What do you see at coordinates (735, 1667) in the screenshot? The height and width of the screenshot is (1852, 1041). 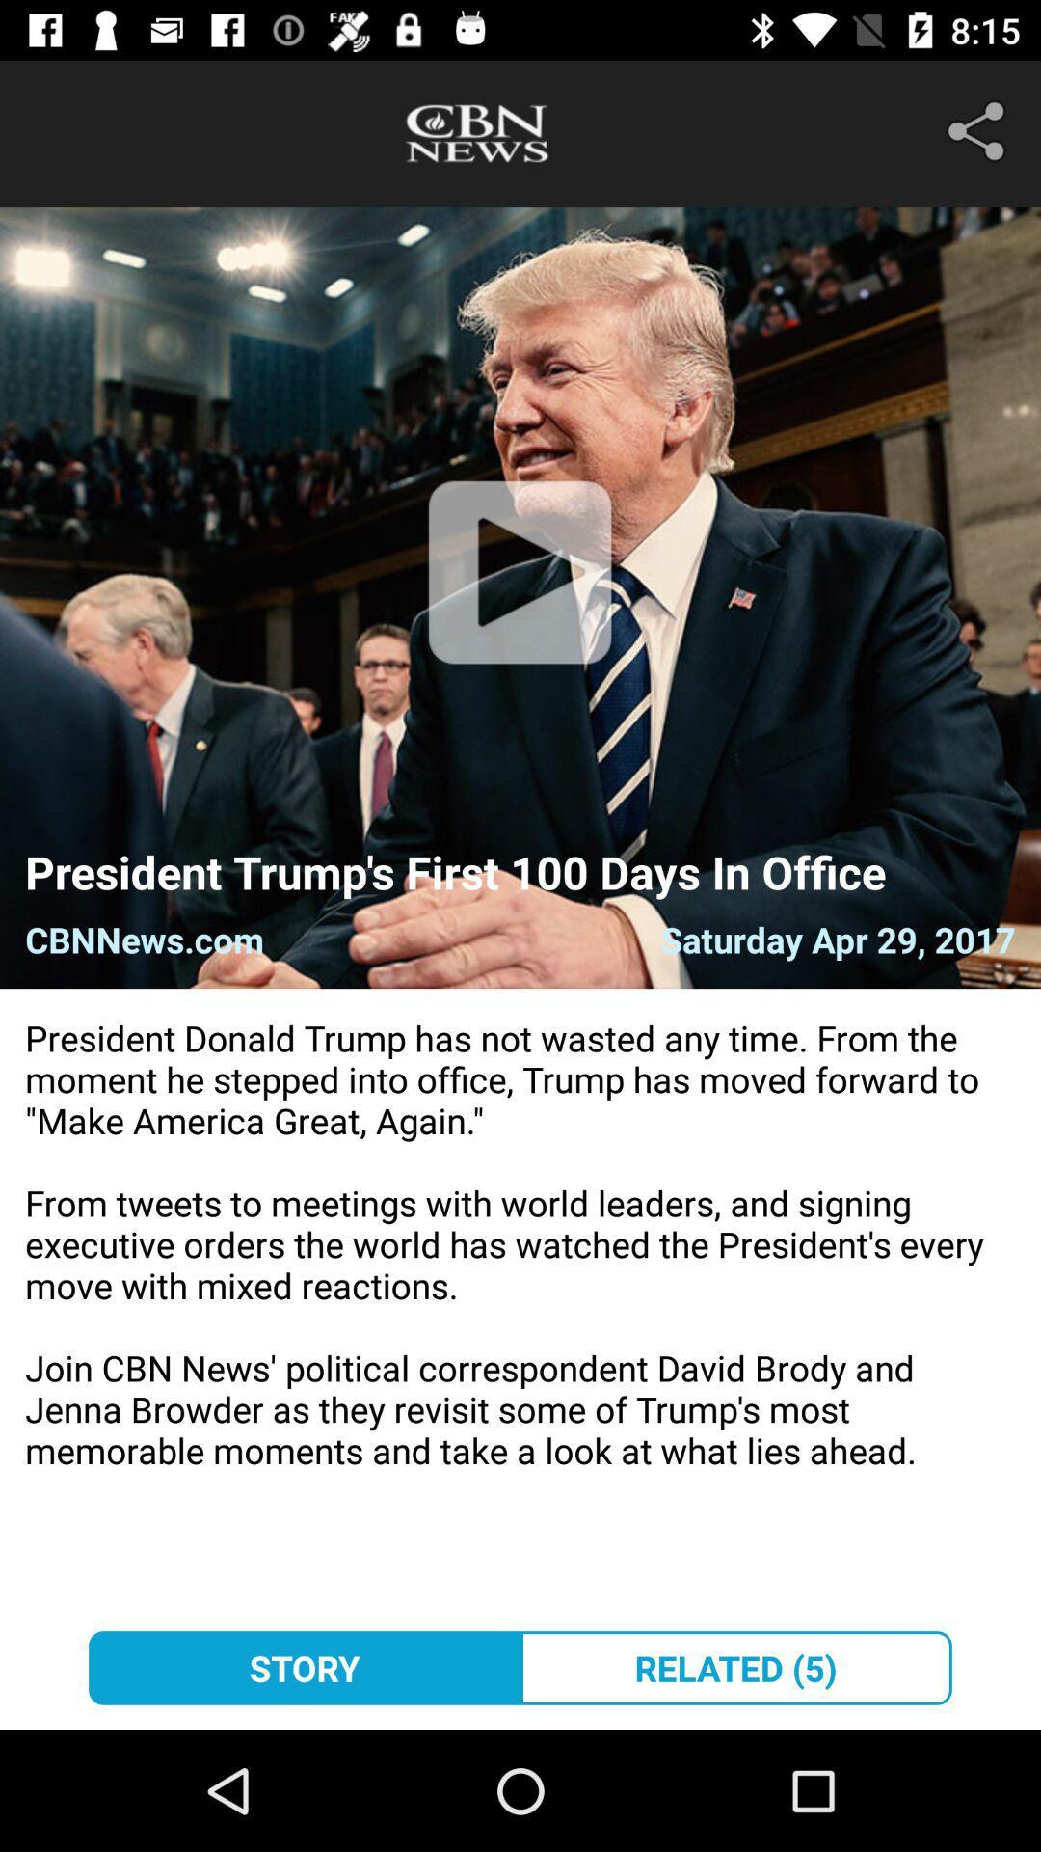 I see `the item at the bottom right corner` at bounding box center [735, 1667].